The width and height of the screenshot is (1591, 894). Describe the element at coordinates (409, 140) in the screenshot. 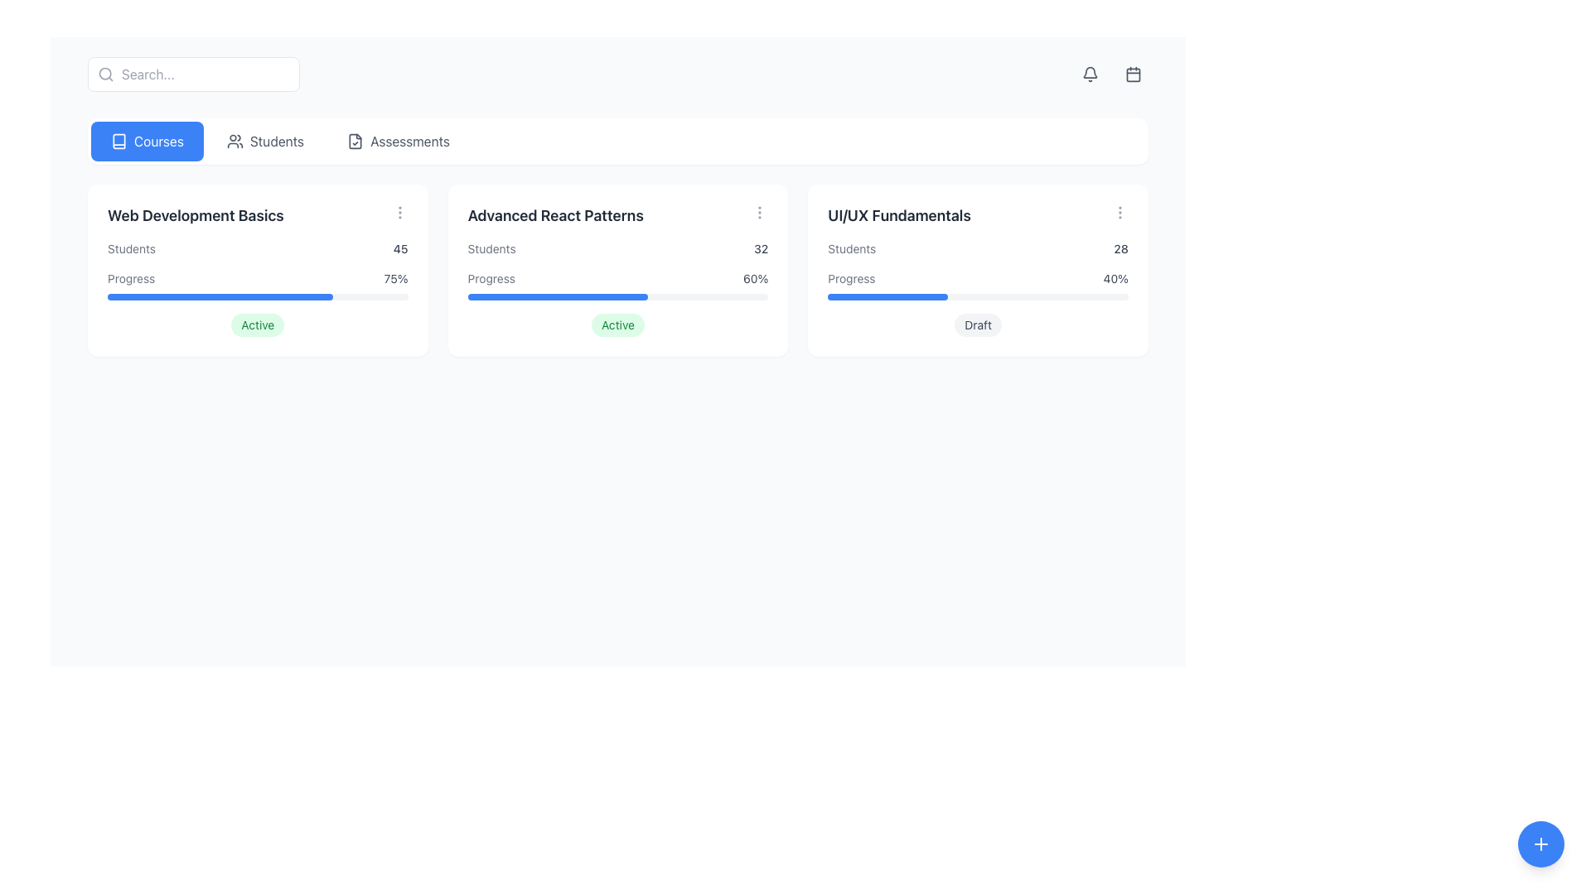

I see `the 'Assessments' text label in the navigation bar` at that location.